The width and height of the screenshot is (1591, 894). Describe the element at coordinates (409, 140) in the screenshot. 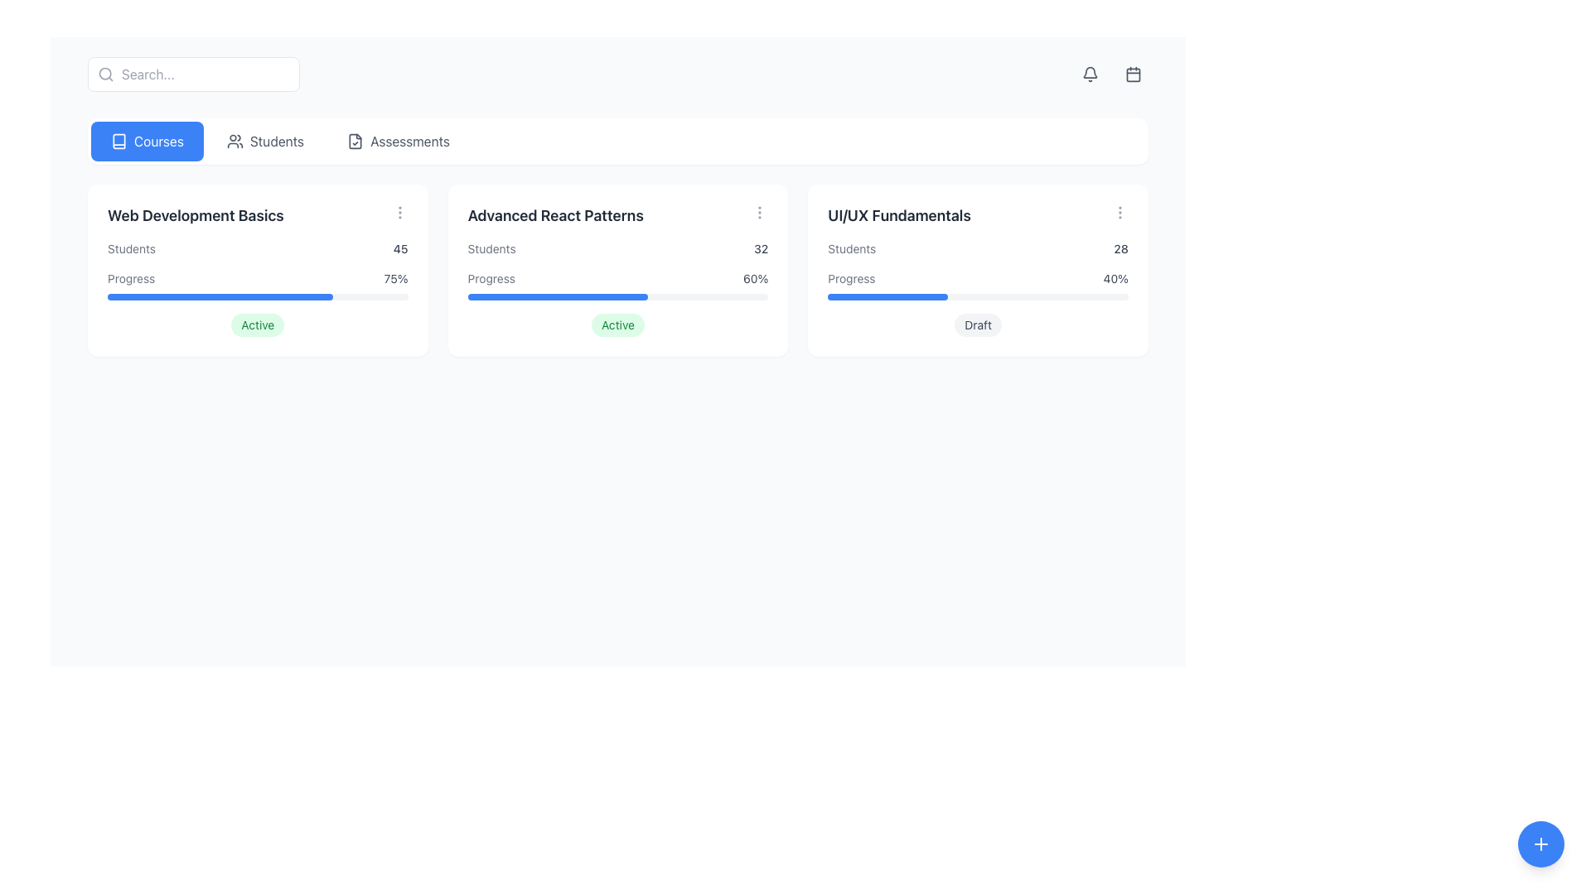

I see `the 'Assessments' text label in the navigation bar` at that location.